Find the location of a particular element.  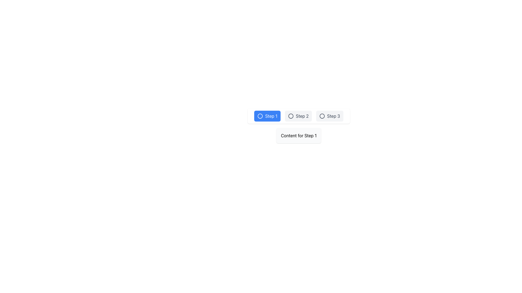

the SVG circle icon that indicates the status of 'Step 3', located within the button labeled 'Step 3' is located at coordinates (322, 116).